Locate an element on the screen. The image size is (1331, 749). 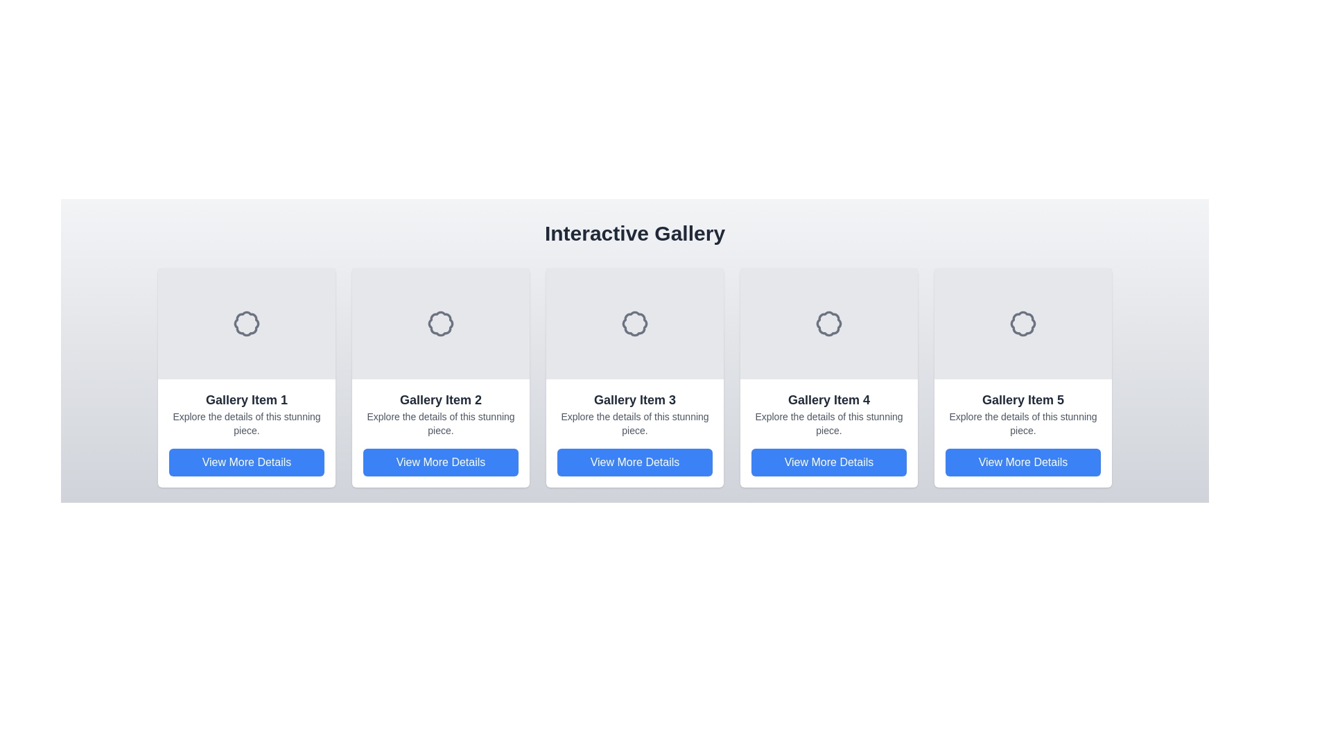
the decorative badge icon located in the third card of the gallery, positioned above 'Gallery Item 3' and below 'Interactive Gallery' is located at coordinates (634, 323).